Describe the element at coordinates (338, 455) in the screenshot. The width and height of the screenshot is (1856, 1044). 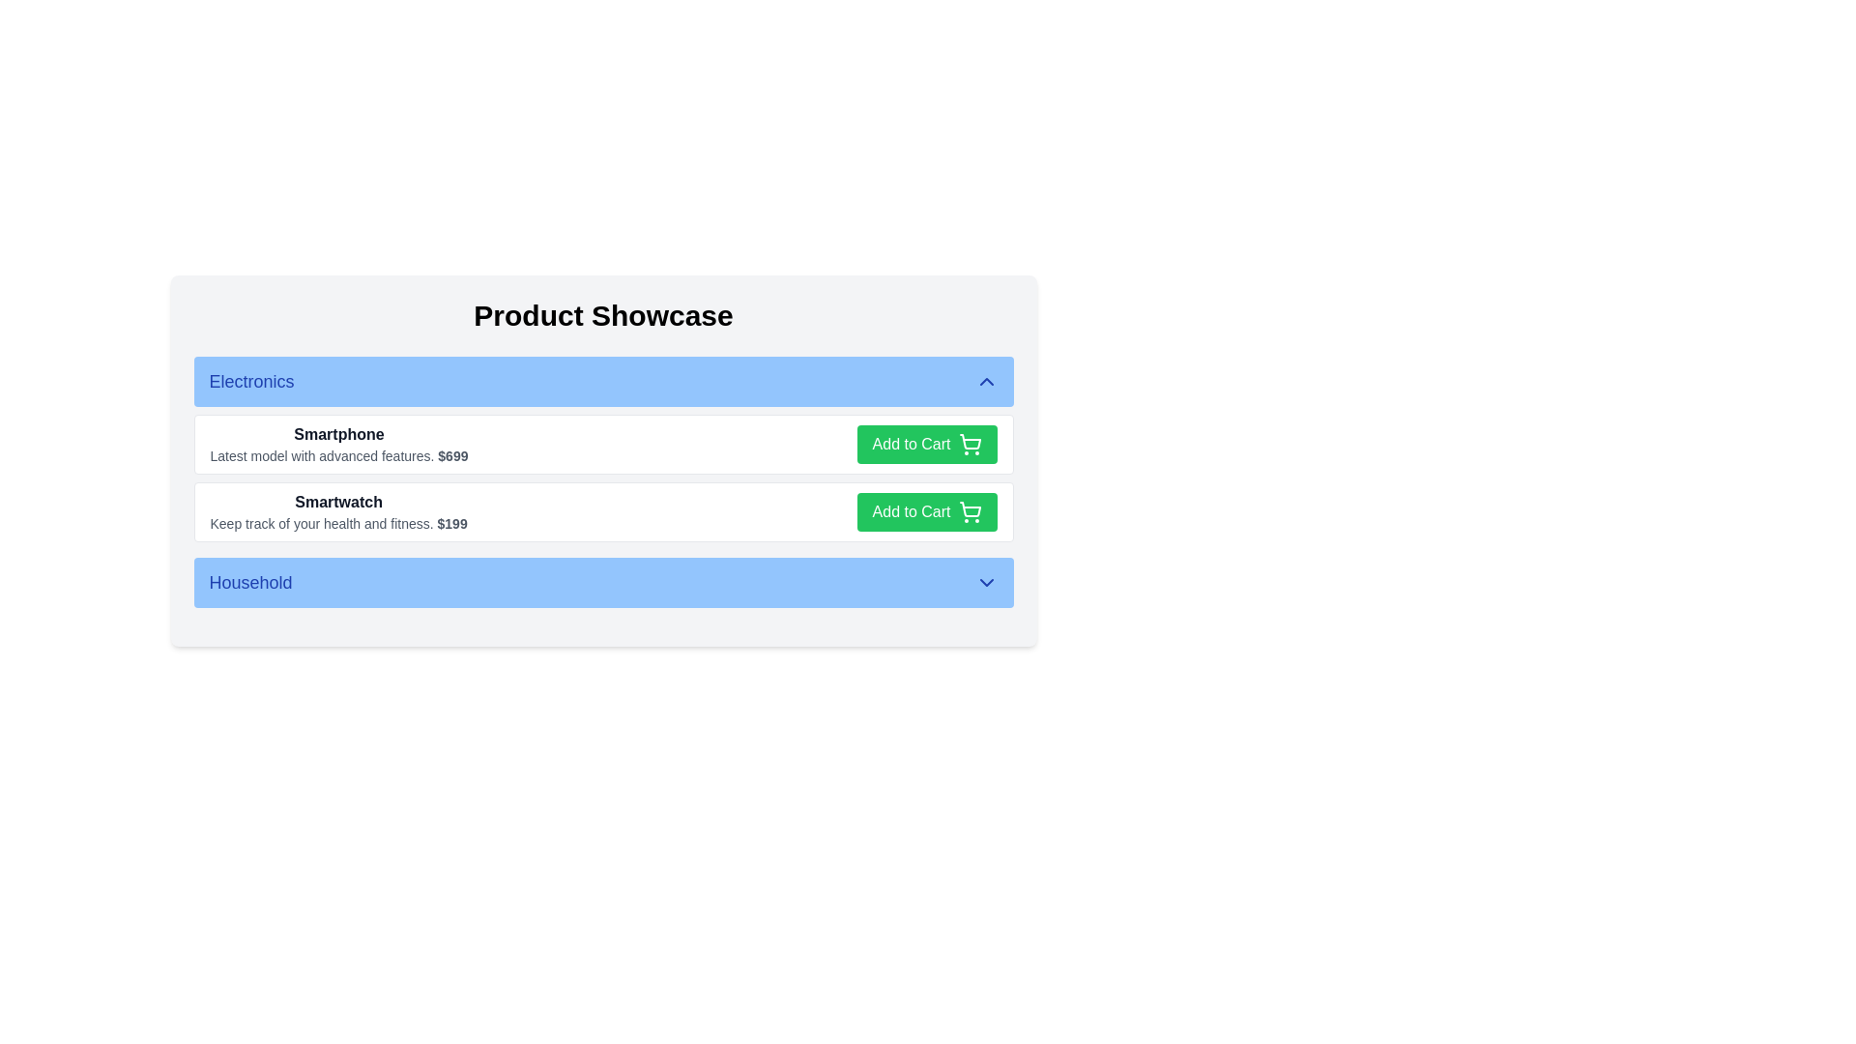
I see `the descriptive text label for the 'Smartphone' item located under the 'Smartphone' heading in the 'Electronics' section` at that location.